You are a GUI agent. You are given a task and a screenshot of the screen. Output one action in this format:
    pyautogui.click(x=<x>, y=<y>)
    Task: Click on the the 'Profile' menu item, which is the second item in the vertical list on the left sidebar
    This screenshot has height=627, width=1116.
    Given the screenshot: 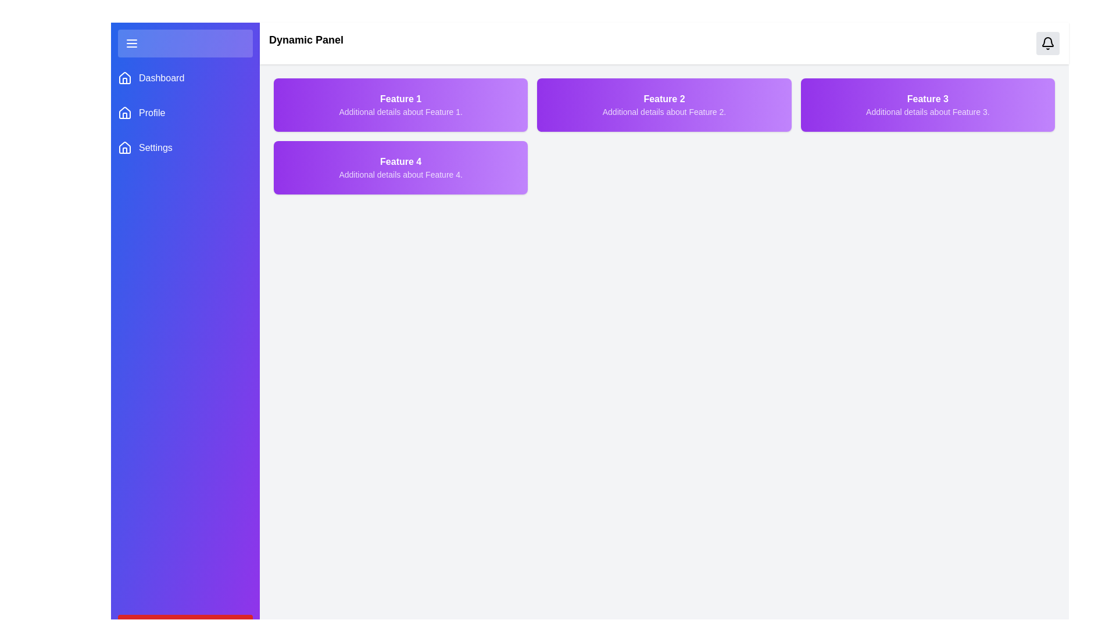 What is the action you would take?
    pyautogui.click(x=184, y=113)
    